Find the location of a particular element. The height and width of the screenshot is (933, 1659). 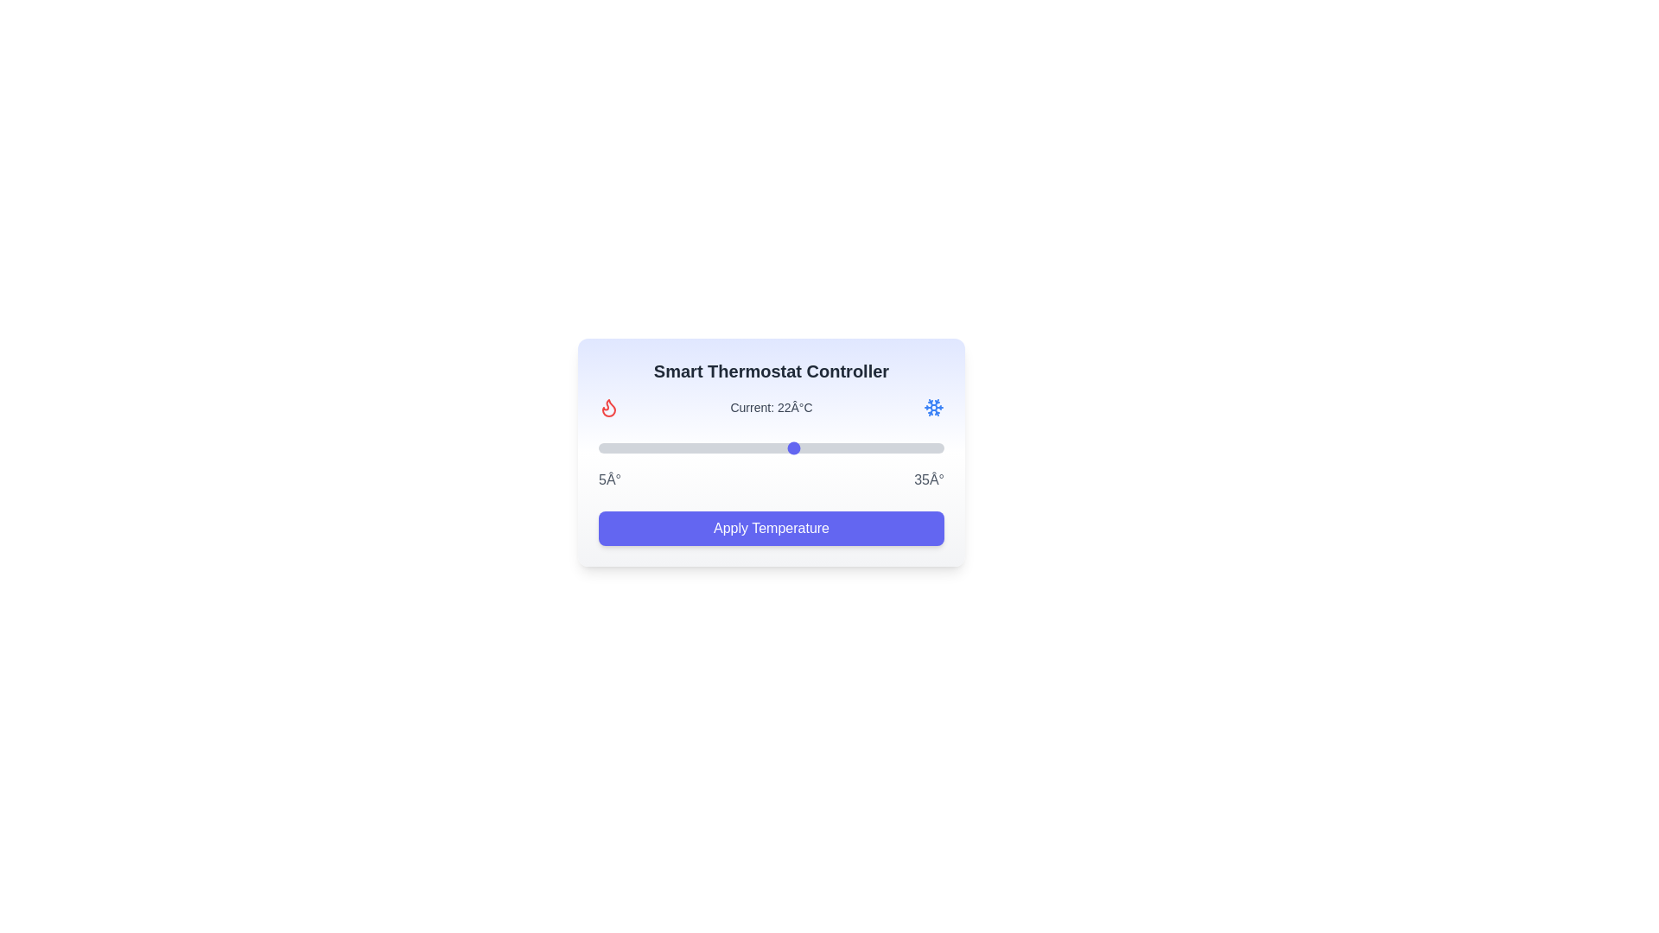

the flame icon to interact with it is located at coordinates (609, 407).